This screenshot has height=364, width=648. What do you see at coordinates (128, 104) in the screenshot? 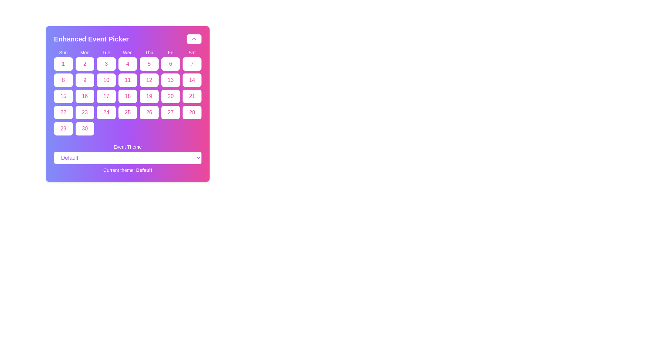
I see `the date in the calendar component with a gradient background` at bounding box center [128, 104].